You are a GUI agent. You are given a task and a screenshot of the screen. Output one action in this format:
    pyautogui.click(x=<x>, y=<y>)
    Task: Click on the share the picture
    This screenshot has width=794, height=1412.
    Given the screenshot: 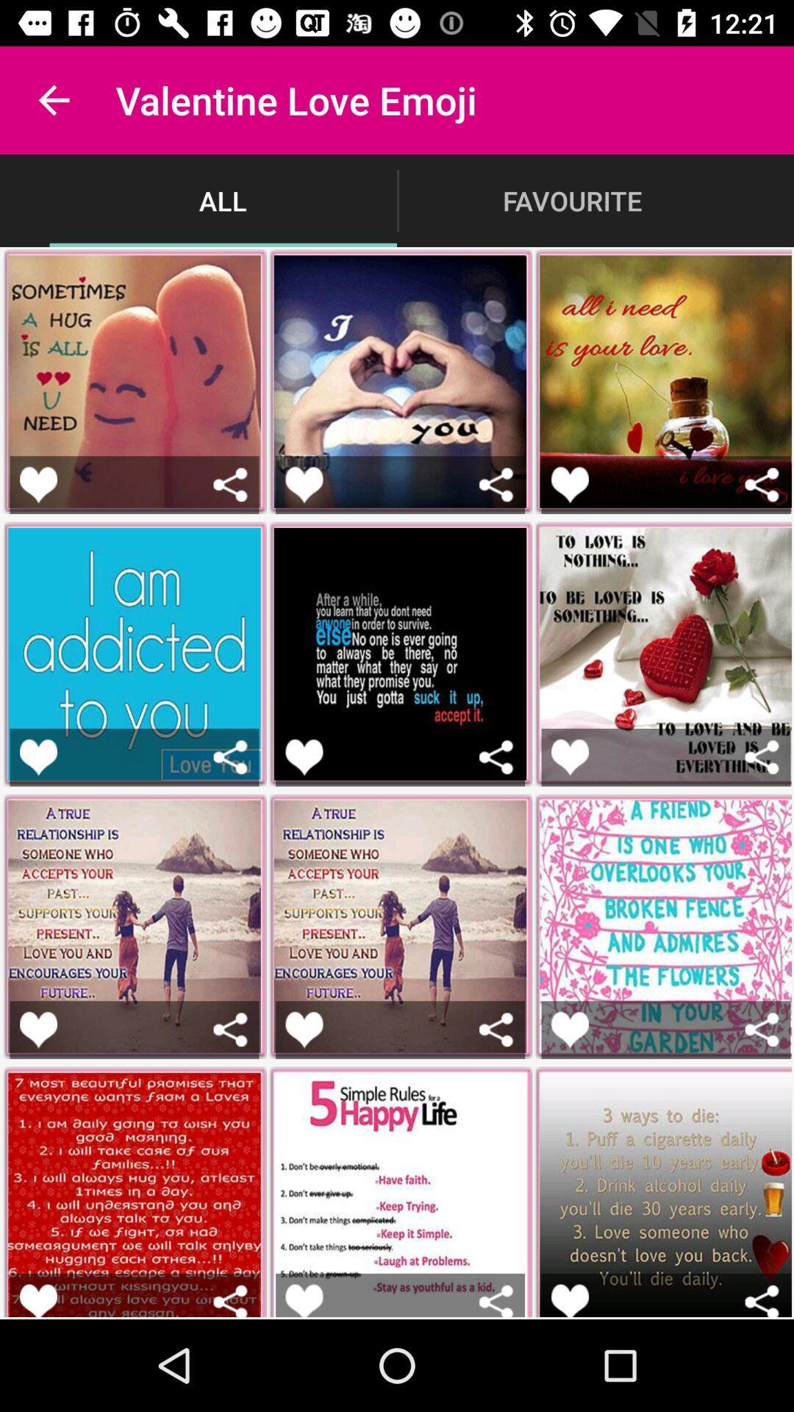 What is the action you would take?
    pyautogui.click(x=496, y=1300)
    